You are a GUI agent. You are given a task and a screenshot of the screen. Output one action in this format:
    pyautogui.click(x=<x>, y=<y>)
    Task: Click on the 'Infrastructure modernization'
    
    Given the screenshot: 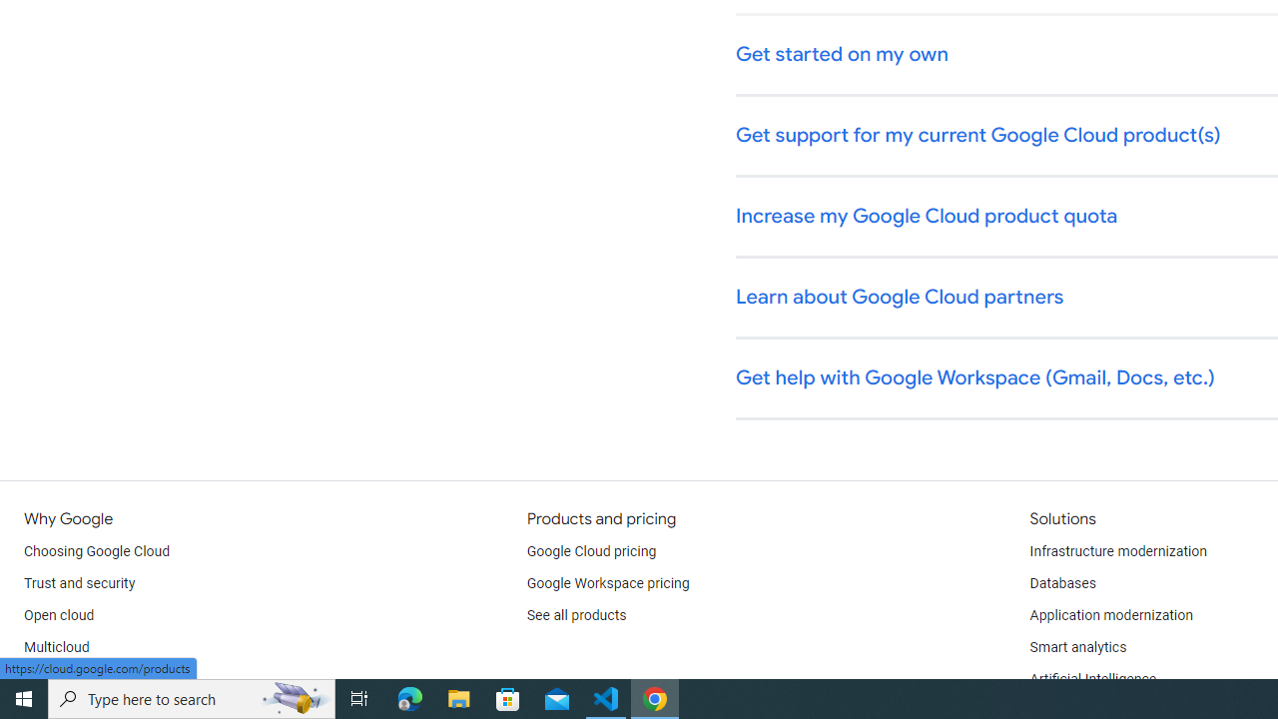 What is the action you would take?
    pyautogui.click(x=1118, y=551)
    